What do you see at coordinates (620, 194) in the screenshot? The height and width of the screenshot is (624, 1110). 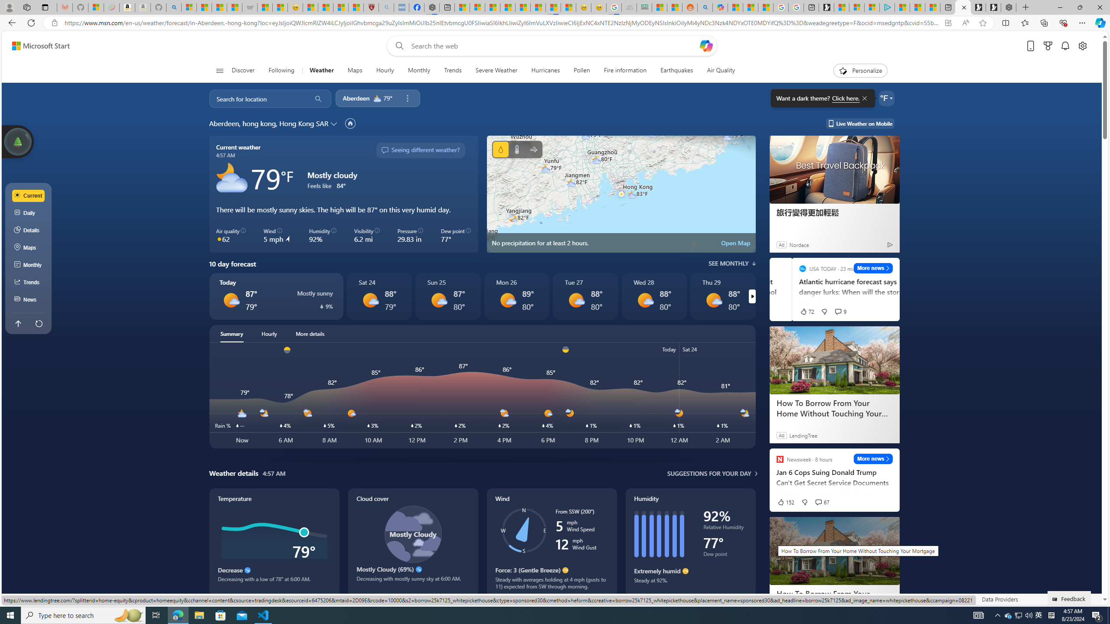 I see `'No precipitation for at least 2 hours'` at bounding box center [620, 194].